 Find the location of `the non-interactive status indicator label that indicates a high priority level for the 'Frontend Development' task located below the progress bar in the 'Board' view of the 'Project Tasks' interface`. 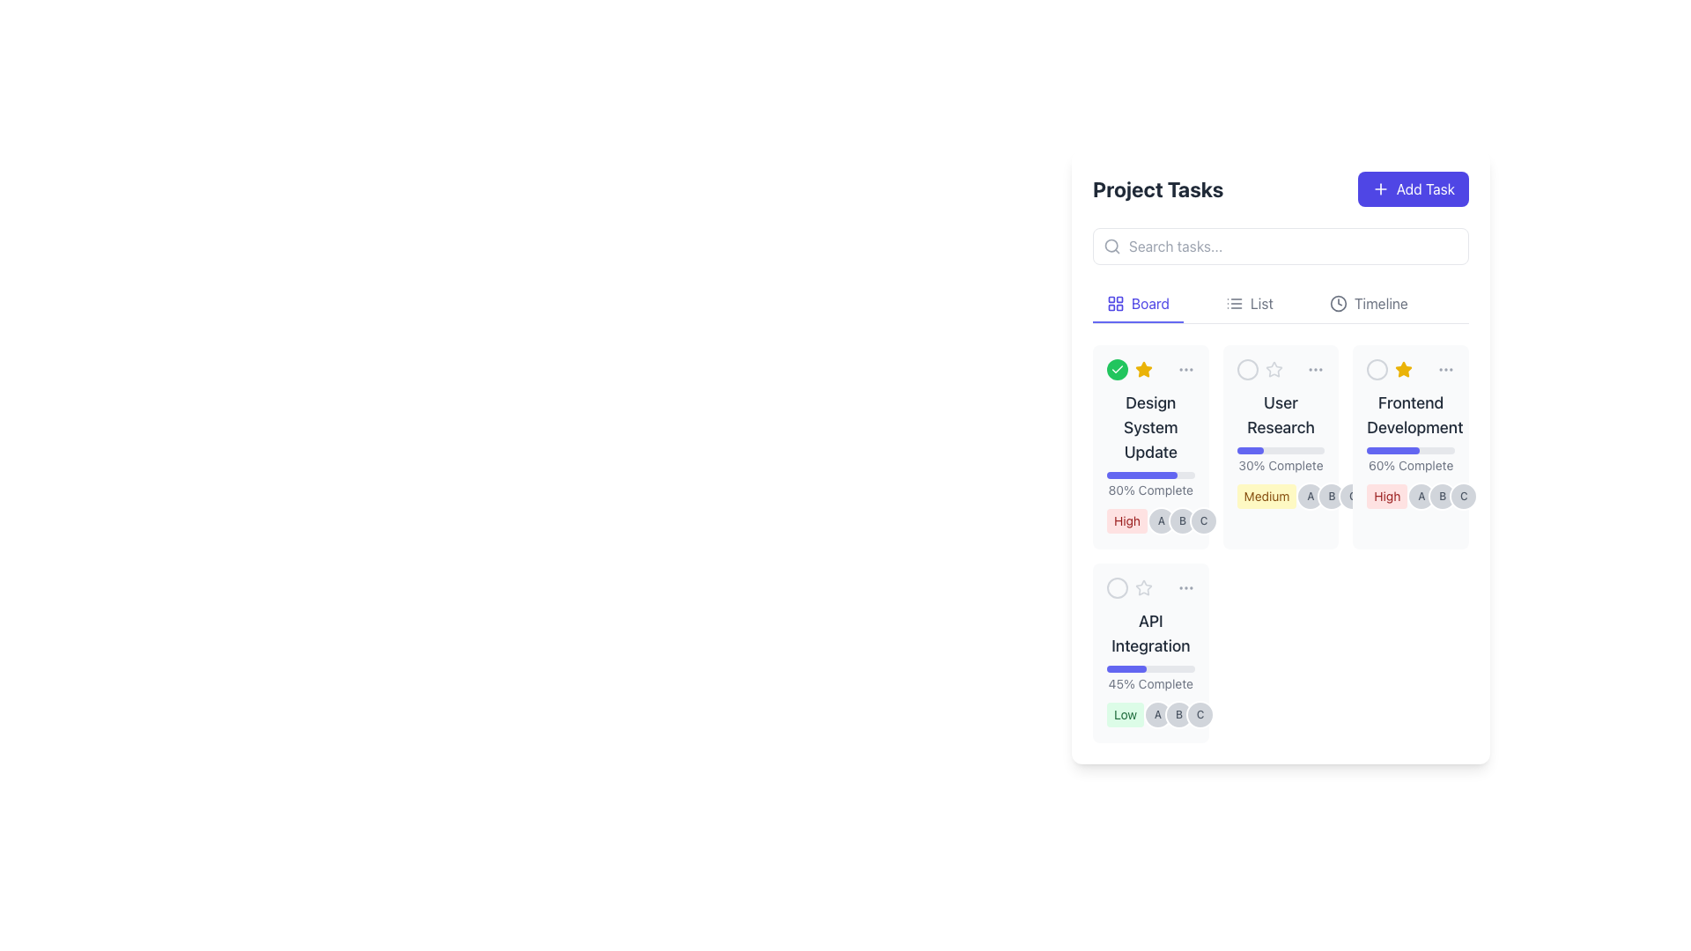

the non-interactive status indicator label that indicates a high priority level for the 'Frontend Development' task located below the progress bar in the 'Board' view of the 'Project Tasks' interface is located at coordinates (1386, 496).